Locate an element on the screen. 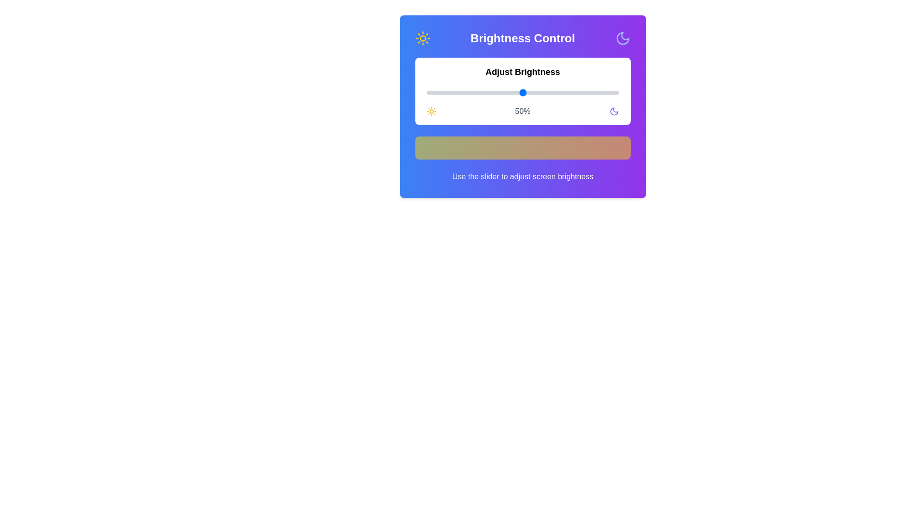 This screenshot has width=923, height=519. the brightness slider to 94% is located at coordinates (607, 92).